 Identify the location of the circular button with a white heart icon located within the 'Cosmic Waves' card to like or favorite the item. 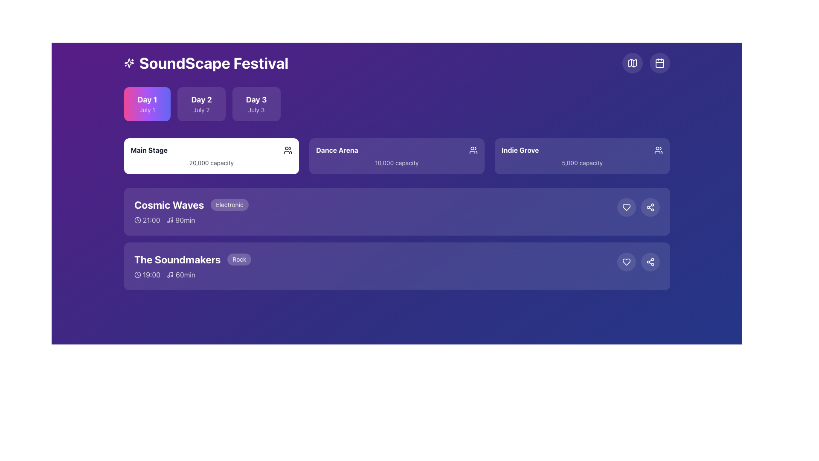
(626, 207).